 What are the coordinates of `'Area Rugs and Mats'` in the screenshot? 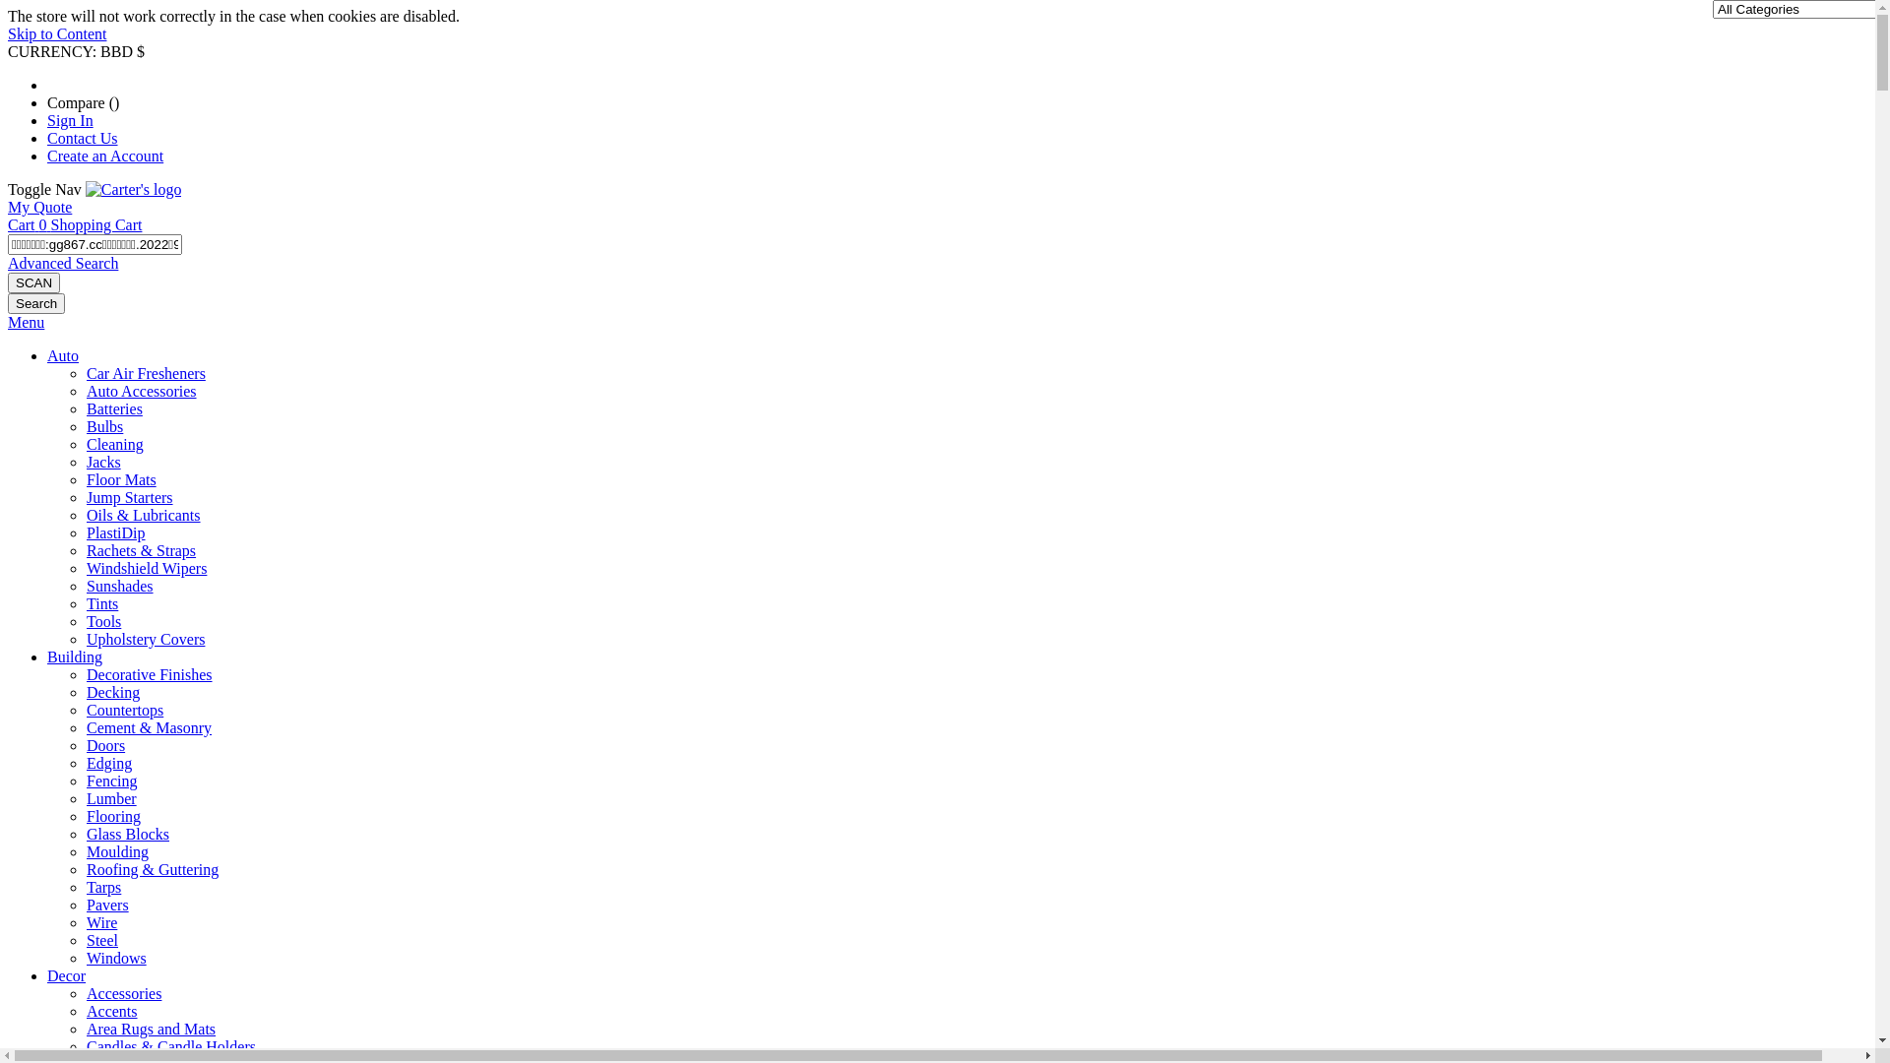 It's located at (150, 1028).